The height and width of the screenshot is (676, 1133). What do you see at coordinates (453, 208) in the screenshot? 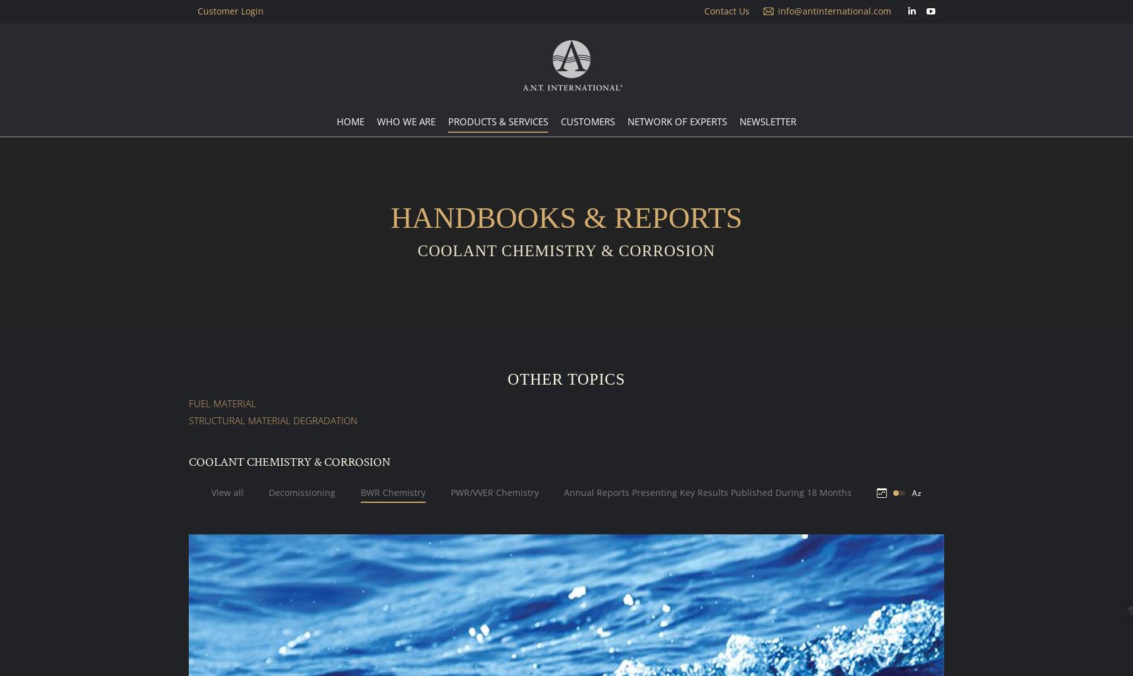
I see `'Fuel Reliability Code'` at bounding box center [453, 208].